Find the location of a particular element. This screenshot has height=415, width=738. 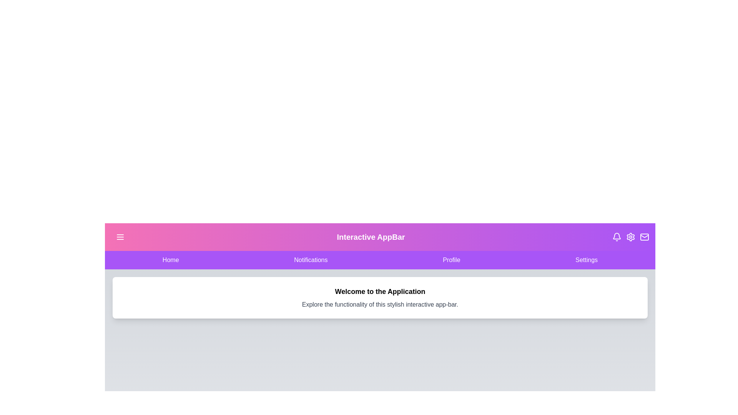

the navigation item Profile to navigate is located at coordinates (451, 260).